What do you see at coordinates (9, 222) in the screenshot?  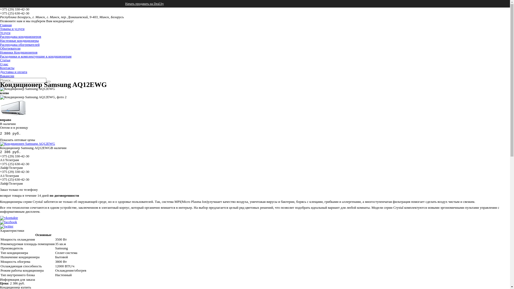 I see `'facebook'` at bounding box center [9, 222].